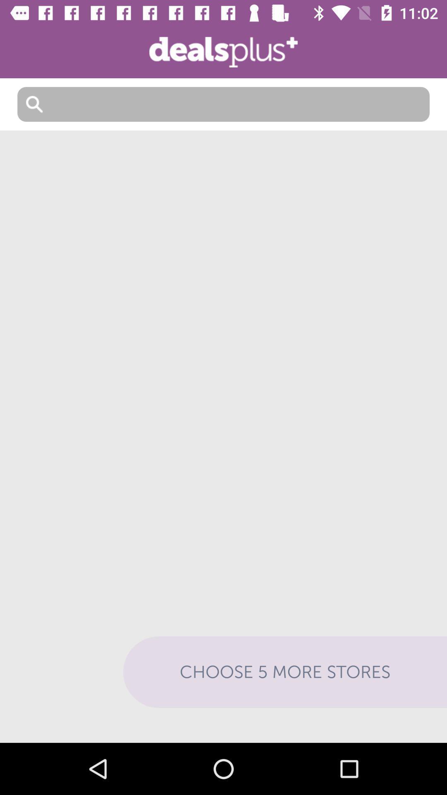 This screenshot has height=795, width=447. I want to click on search for stores, so click(223, 104).